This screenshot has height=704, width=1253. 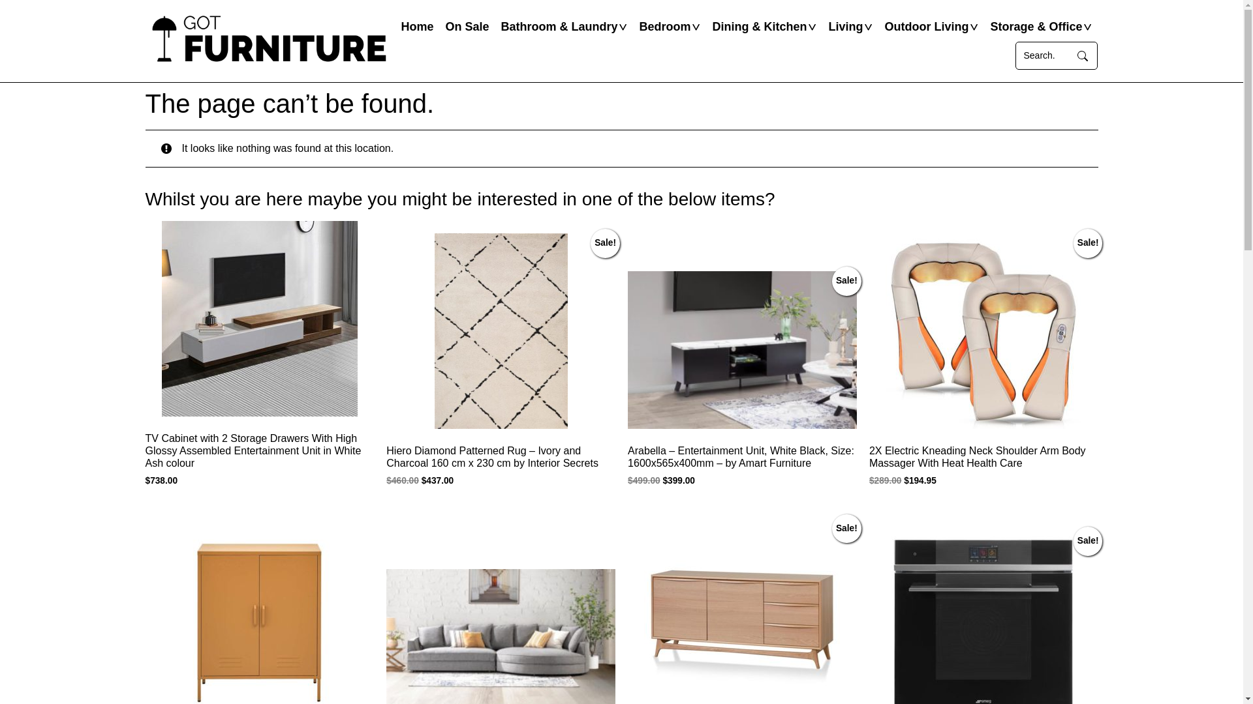 I want to click on 'Living', so click(x=845, y=27).